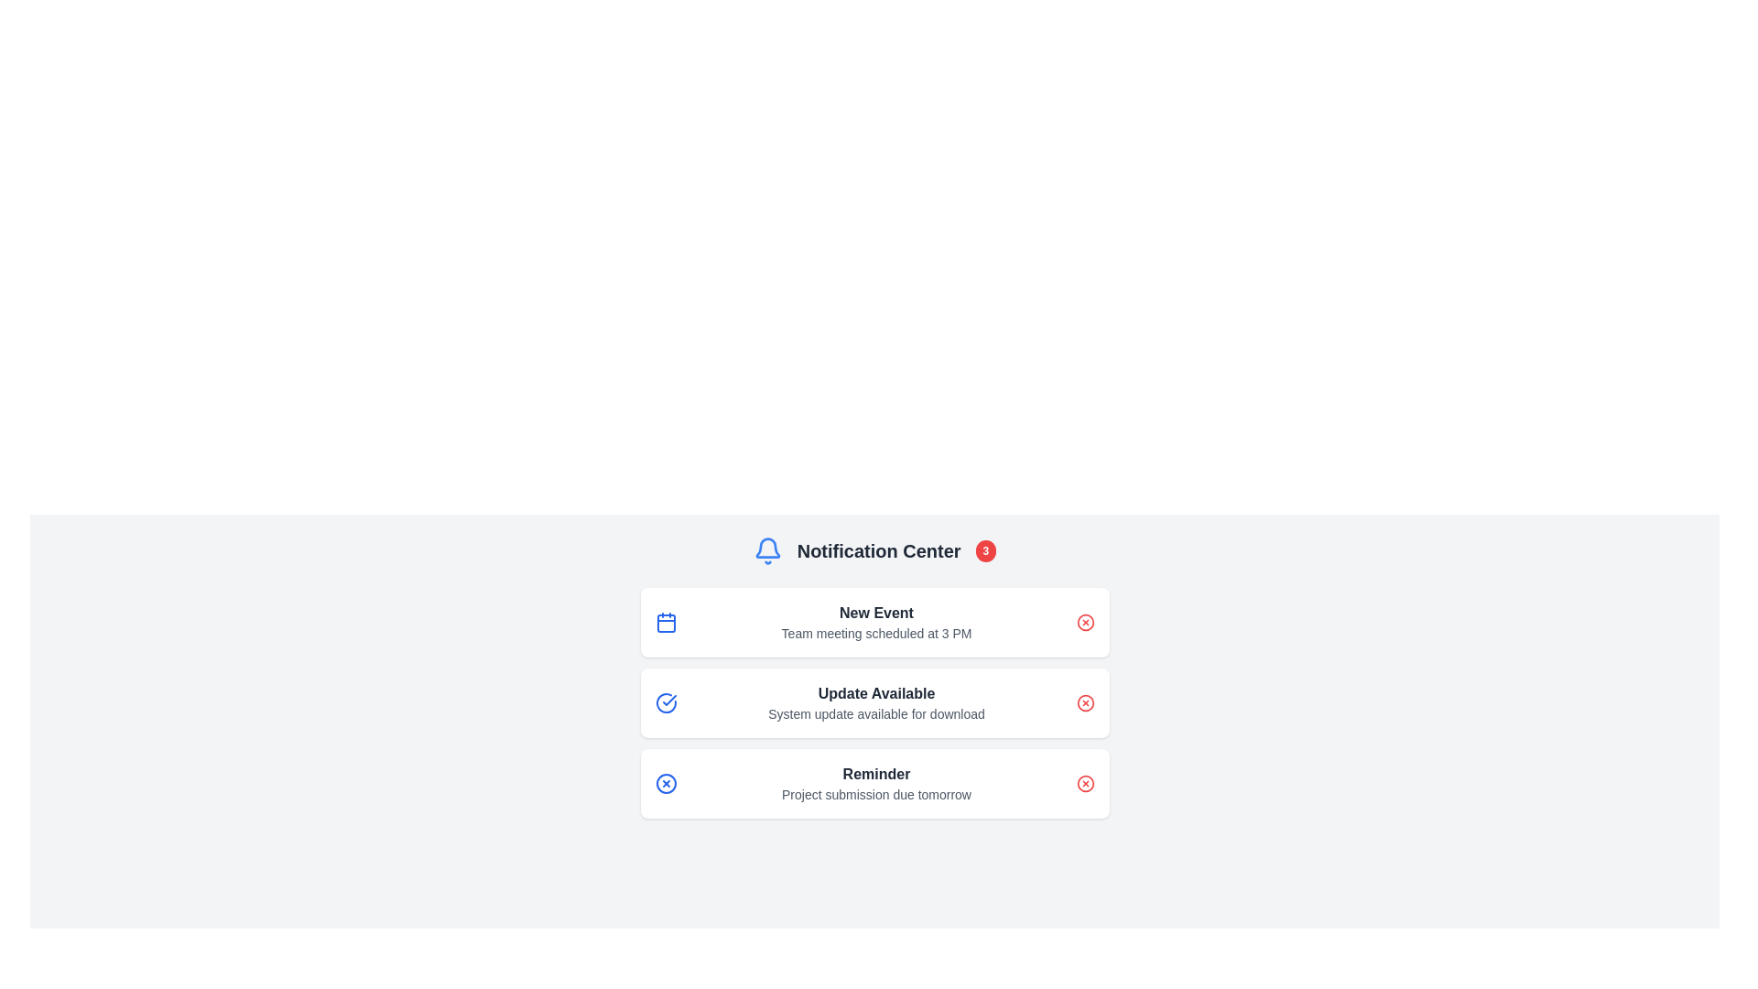 This screenshot has height=989, width=1758. I want to click on the Notification card titled 'Update Available' with a subtitle 'System update available for download', positioned in the Notification Center, so click(874, 701).